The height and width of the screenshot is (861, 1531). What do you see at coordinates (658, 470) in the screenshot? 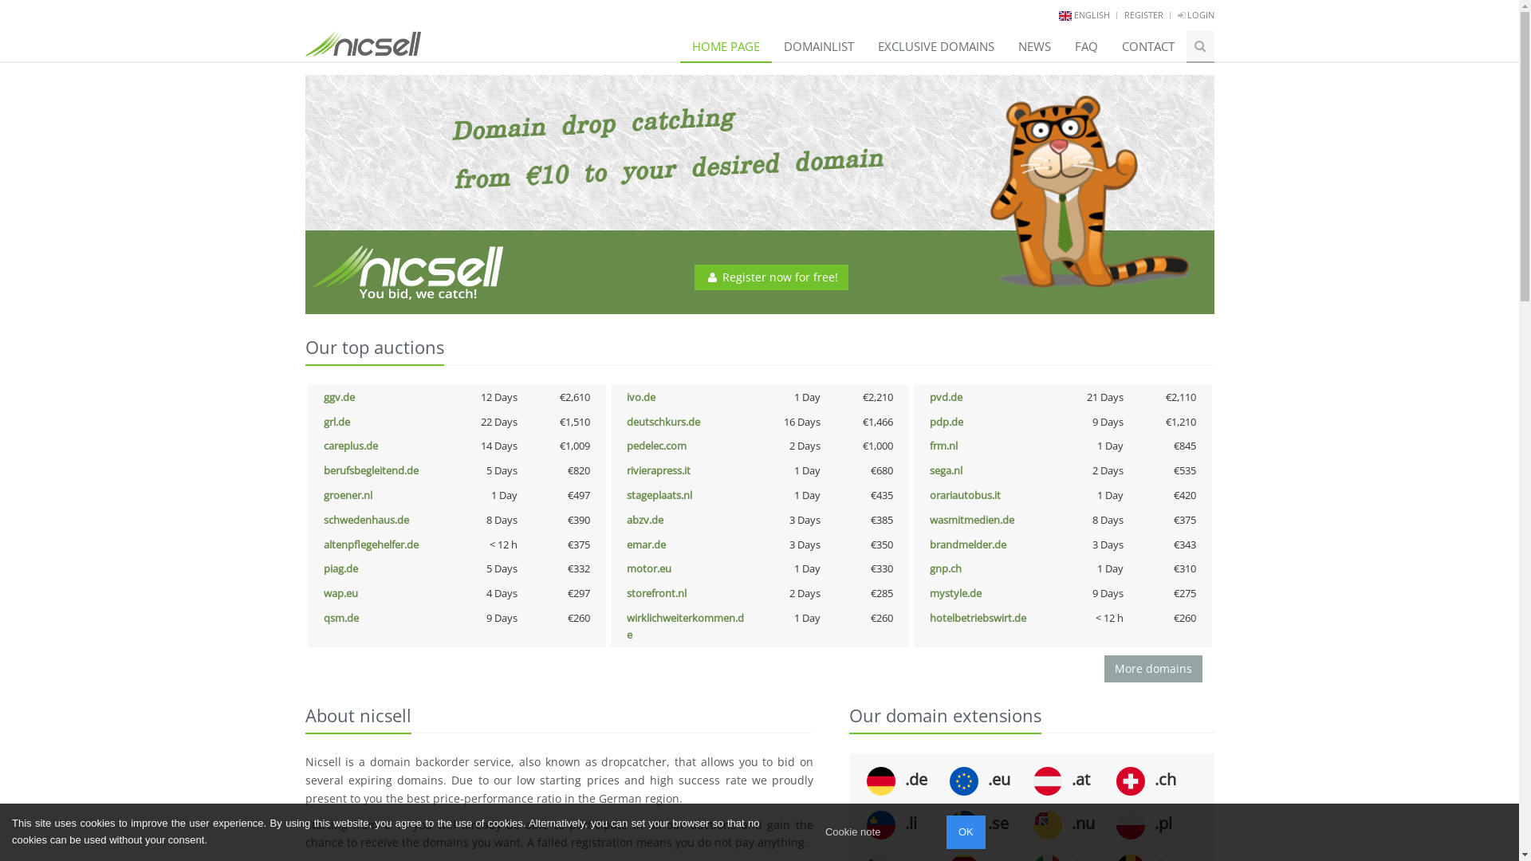
I see `'rivierapress.it'` at bounding box center [658, 470].